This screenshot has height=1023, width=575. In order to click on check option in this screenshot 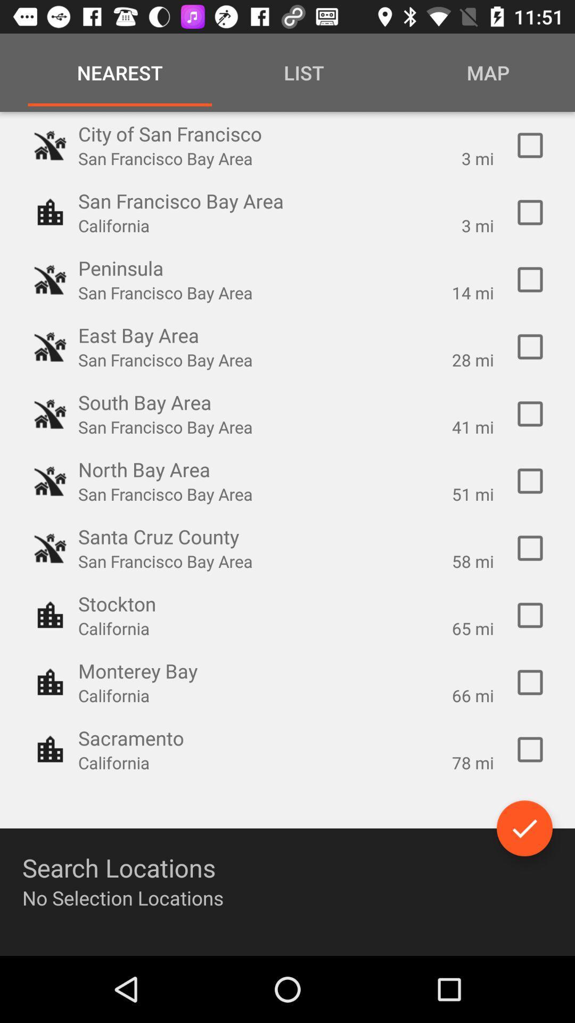, I will do `click(530, 347)`.